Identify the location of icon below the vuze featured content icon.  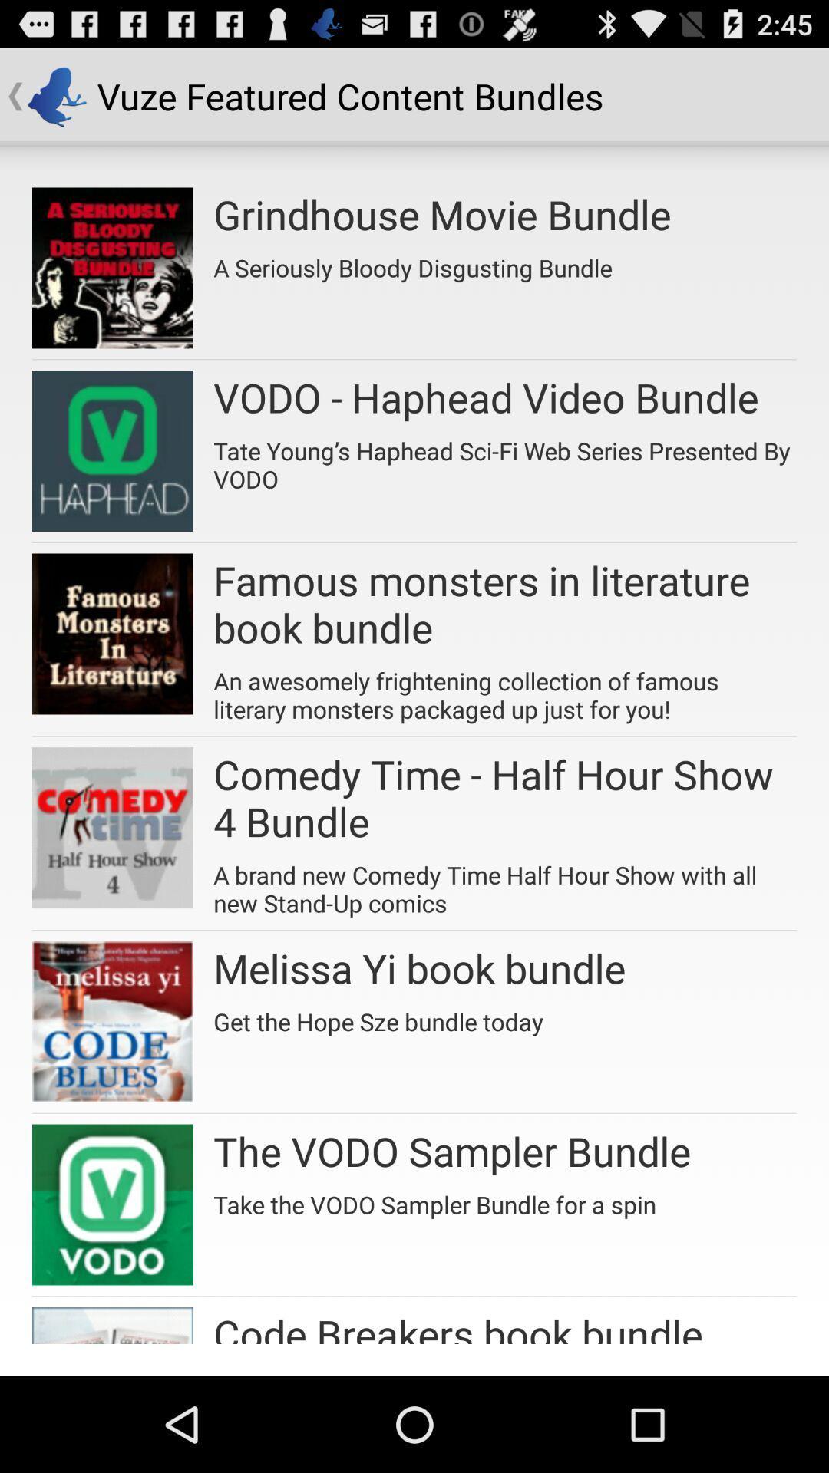
(442, 213).